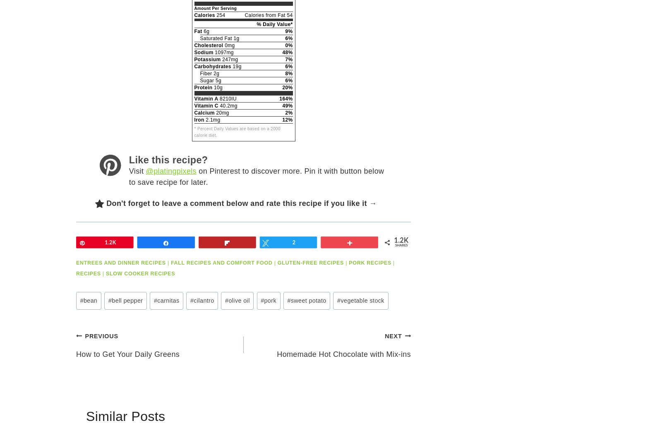 This screenshot has width=662, height=423. I want to click on 'Saturated Fat 1g', so click(219, 38).